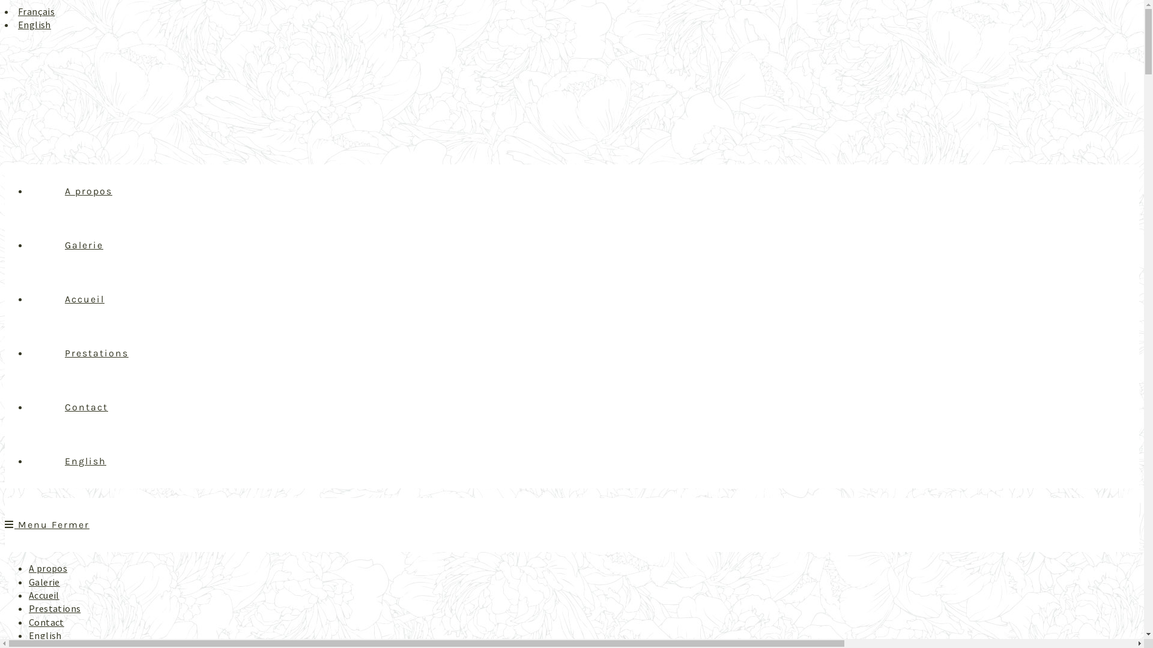 The height and width of the screenshot is (648, 1153). I want to click on 'Galerie', so click(44, 581).